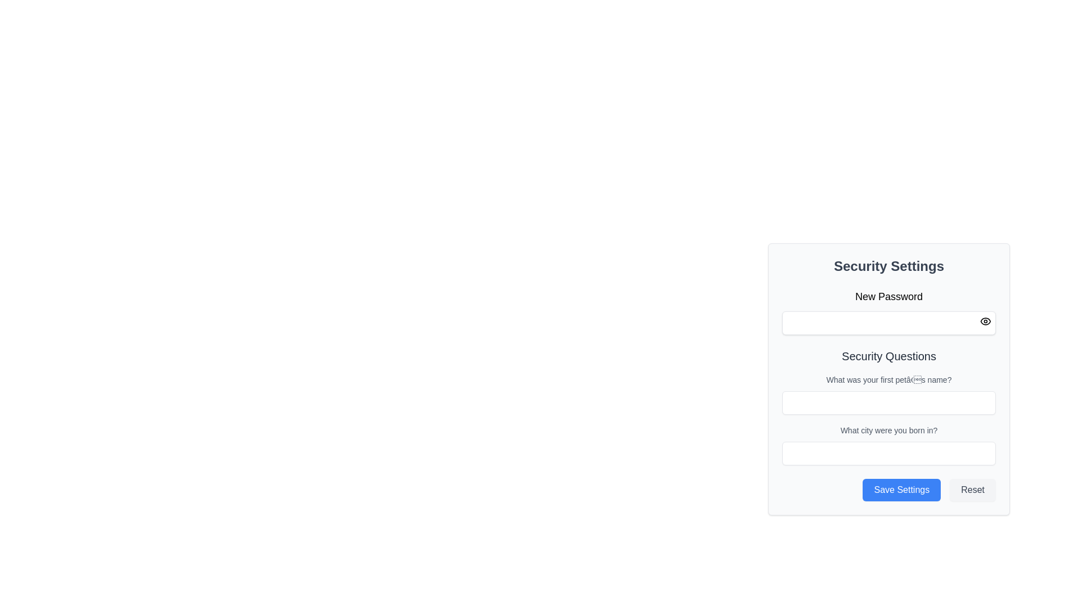 This screenshot has width=1079, height=607. I want to click on the 'Reset' button located at the bottom-right corner of the form-like interface, so click(972, 489).